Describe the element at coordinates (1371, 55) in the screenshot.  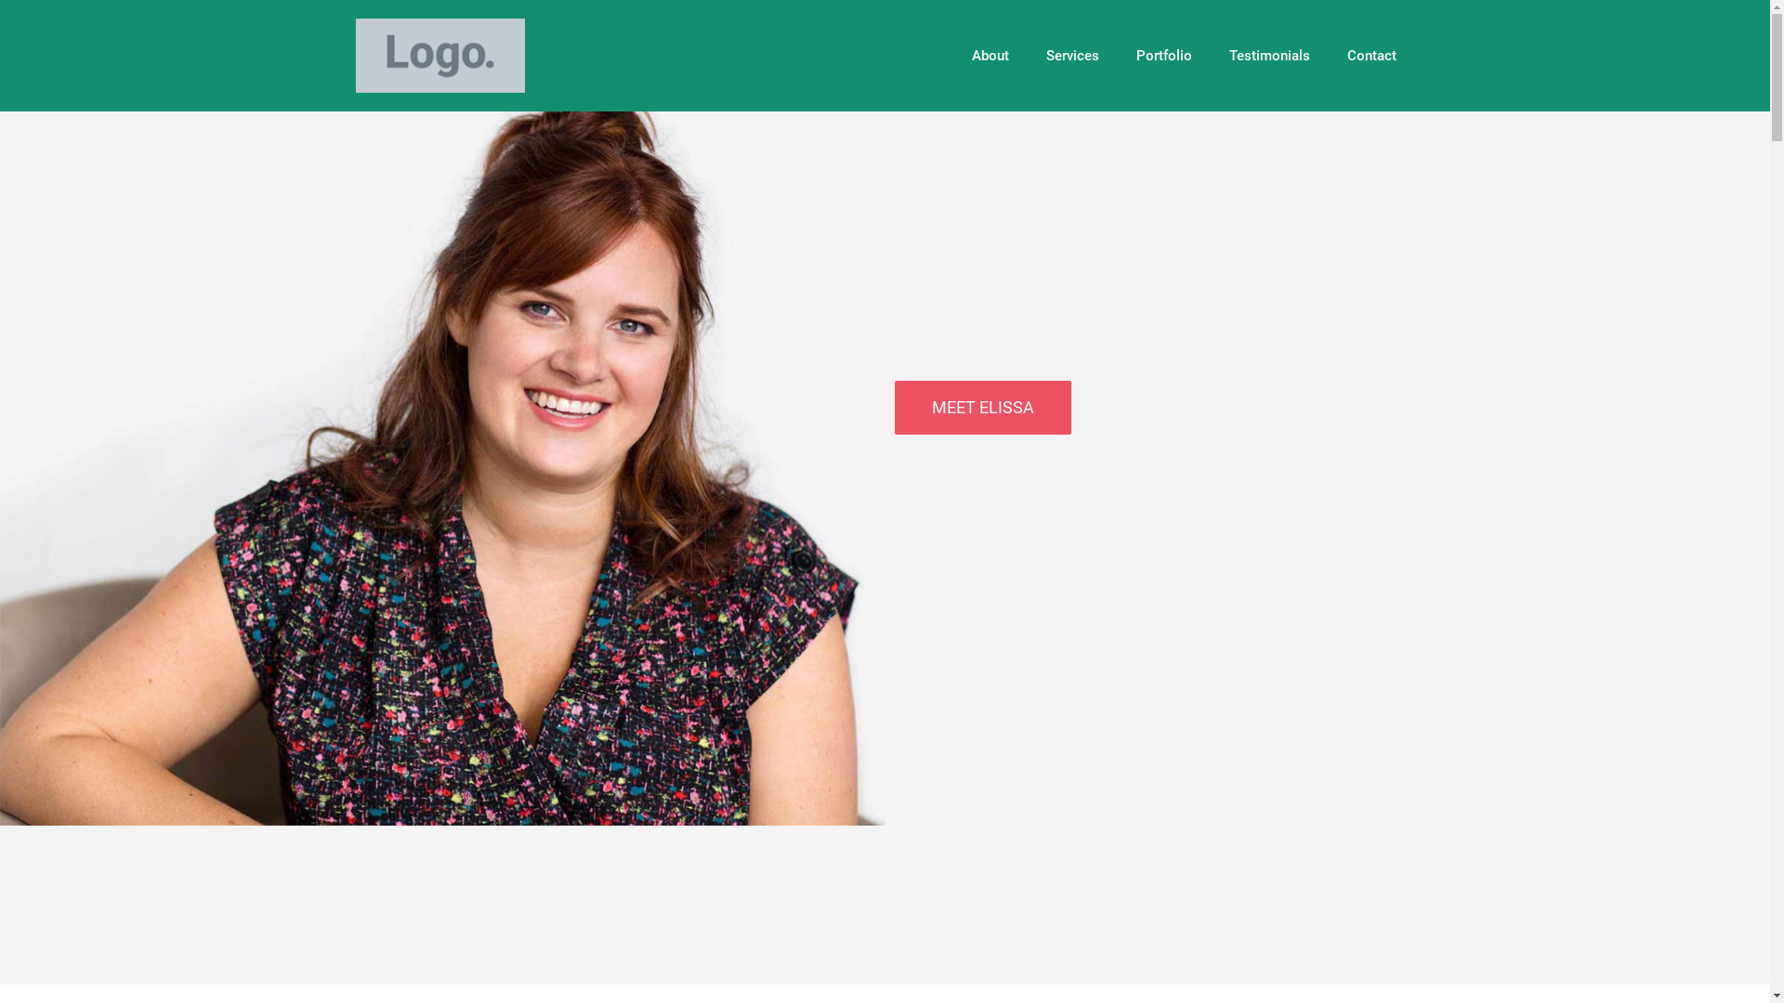
I see `'Contact'` at that location.